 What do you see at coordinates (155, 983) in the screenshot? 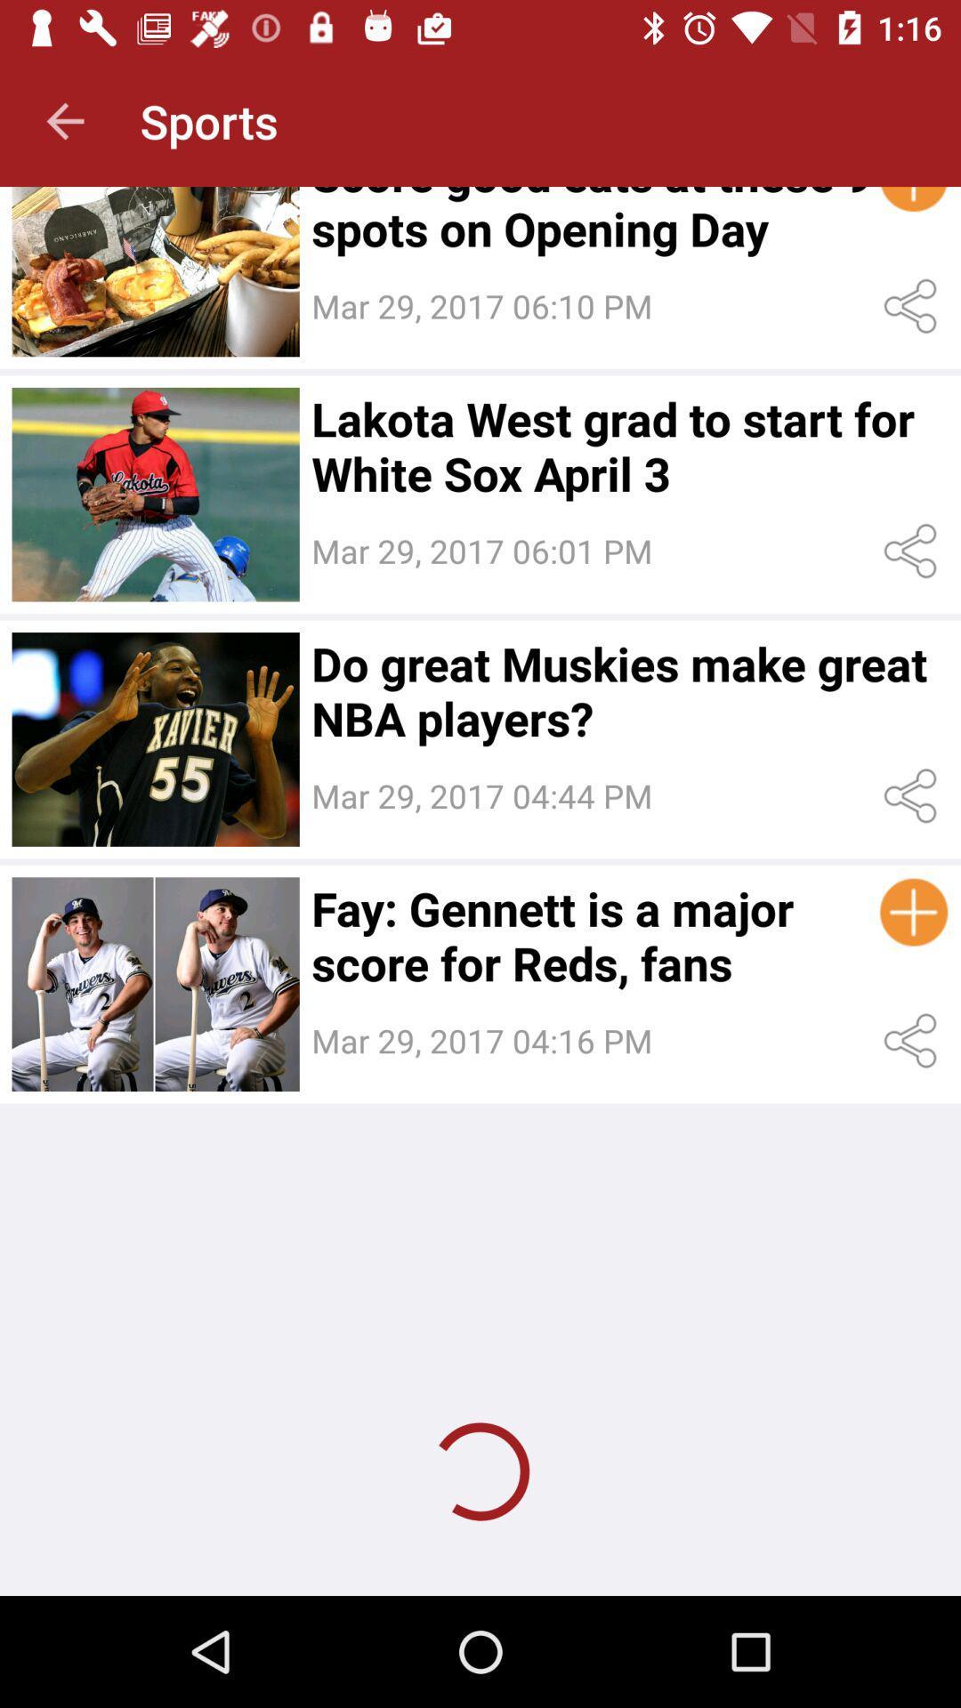
I see `article` at bounding box center [155, 983].